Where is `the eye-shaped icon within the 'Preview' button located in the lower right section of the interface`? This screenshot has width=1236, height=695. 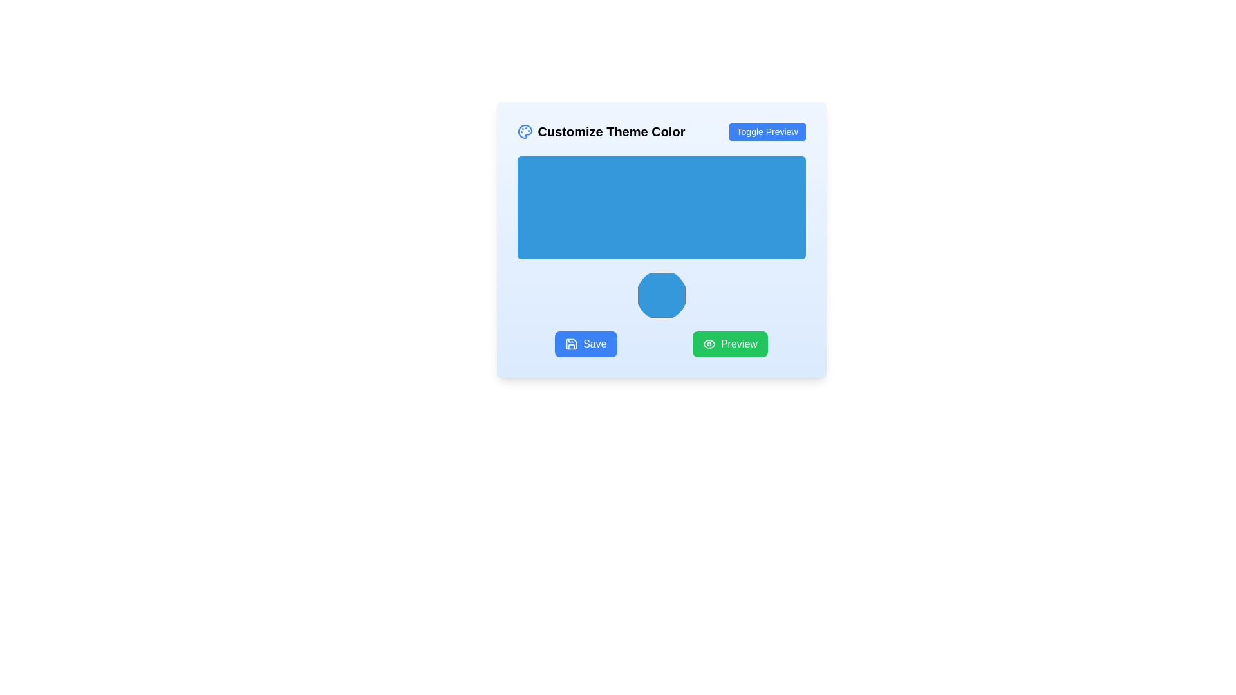 the eye-shaped icon within the 'Preview' button located in the lower right section of the interface is located at coordinates (708, 344).